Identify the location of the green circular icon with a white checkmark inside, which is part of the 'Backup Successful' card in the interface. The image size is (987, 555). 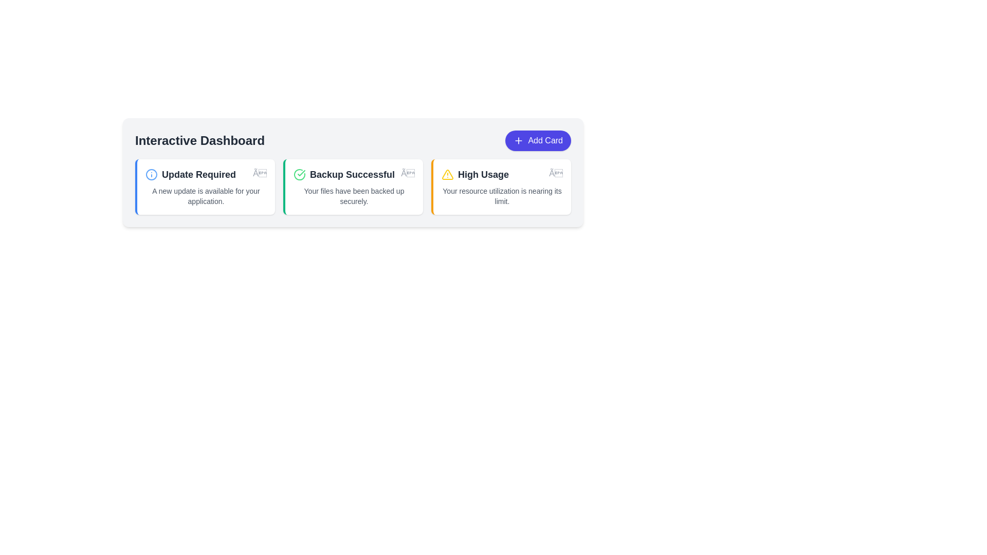
(299, 174).